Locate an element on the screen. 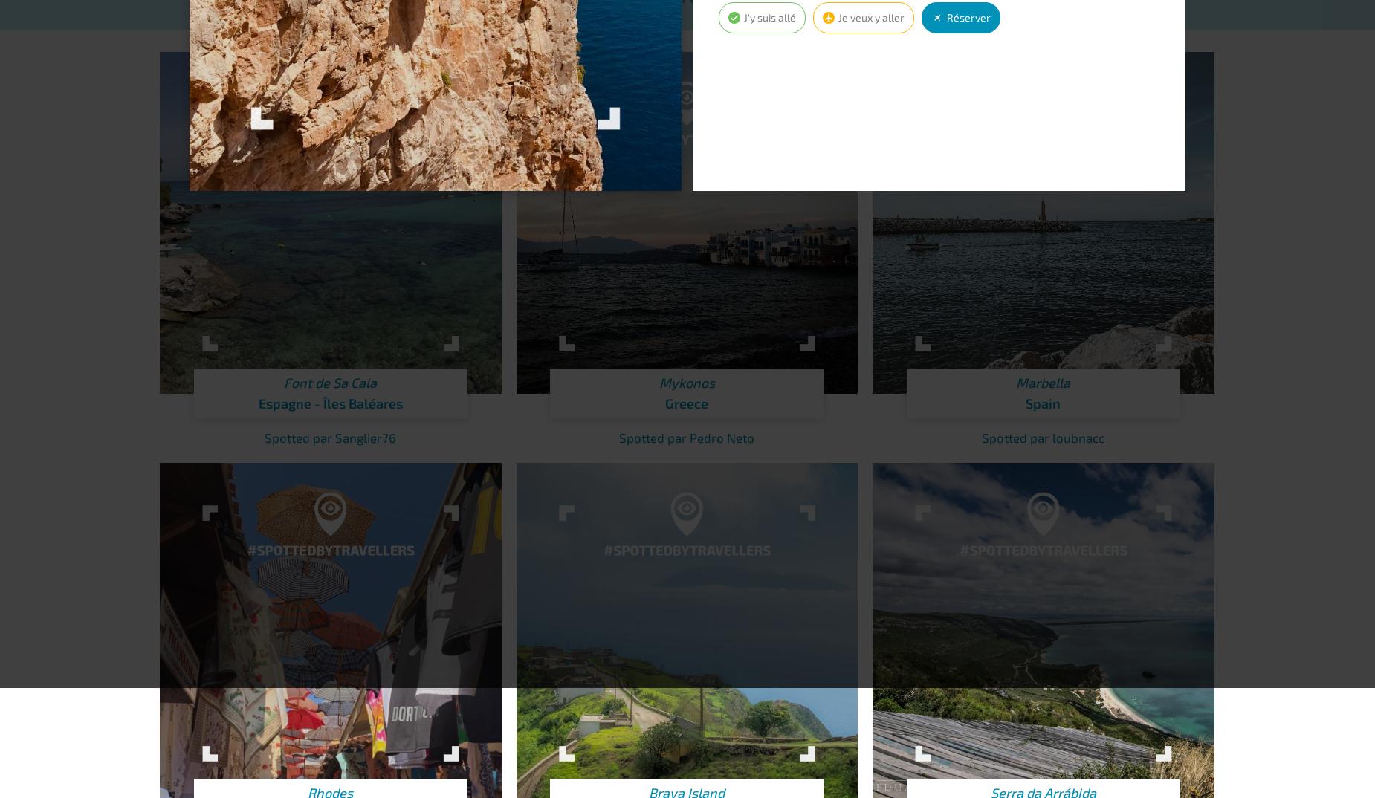 Image resolution: width=1375 pixels, height=798 pixels. 'Spain' is located at coordinates (1043, 403).